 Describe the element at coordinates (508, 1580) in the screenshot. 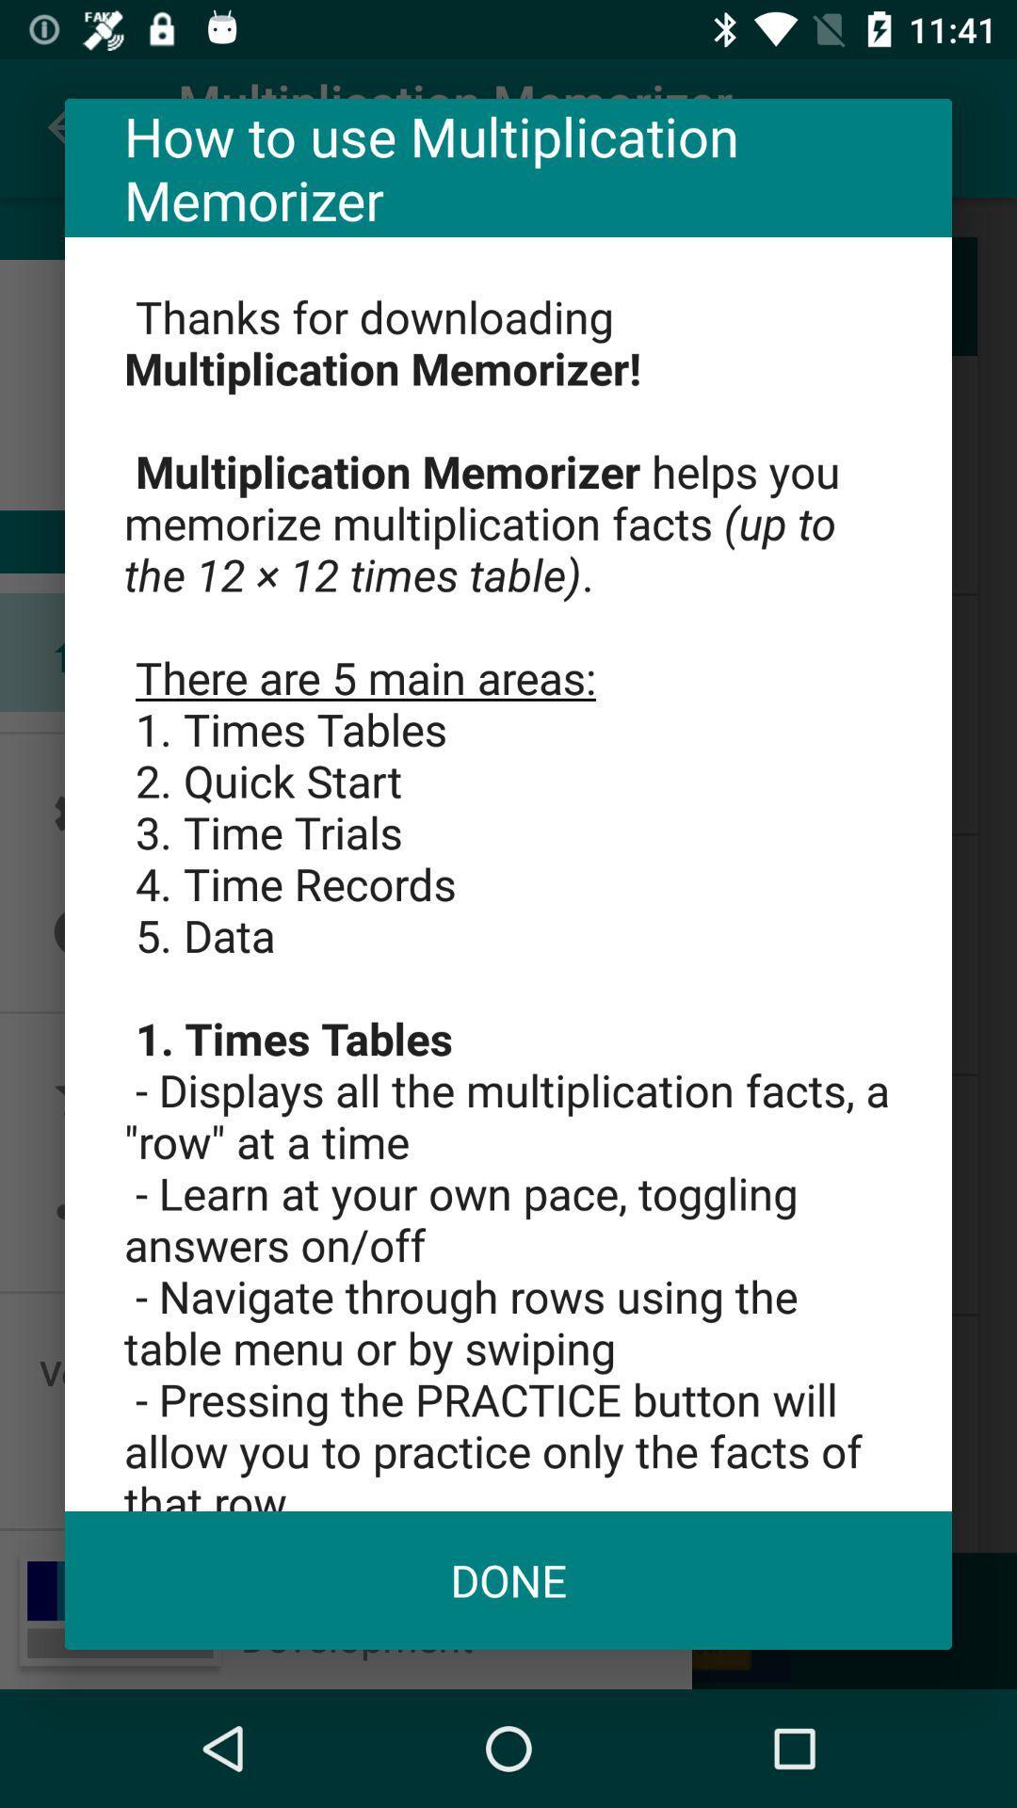

I see `the done item` at that location.